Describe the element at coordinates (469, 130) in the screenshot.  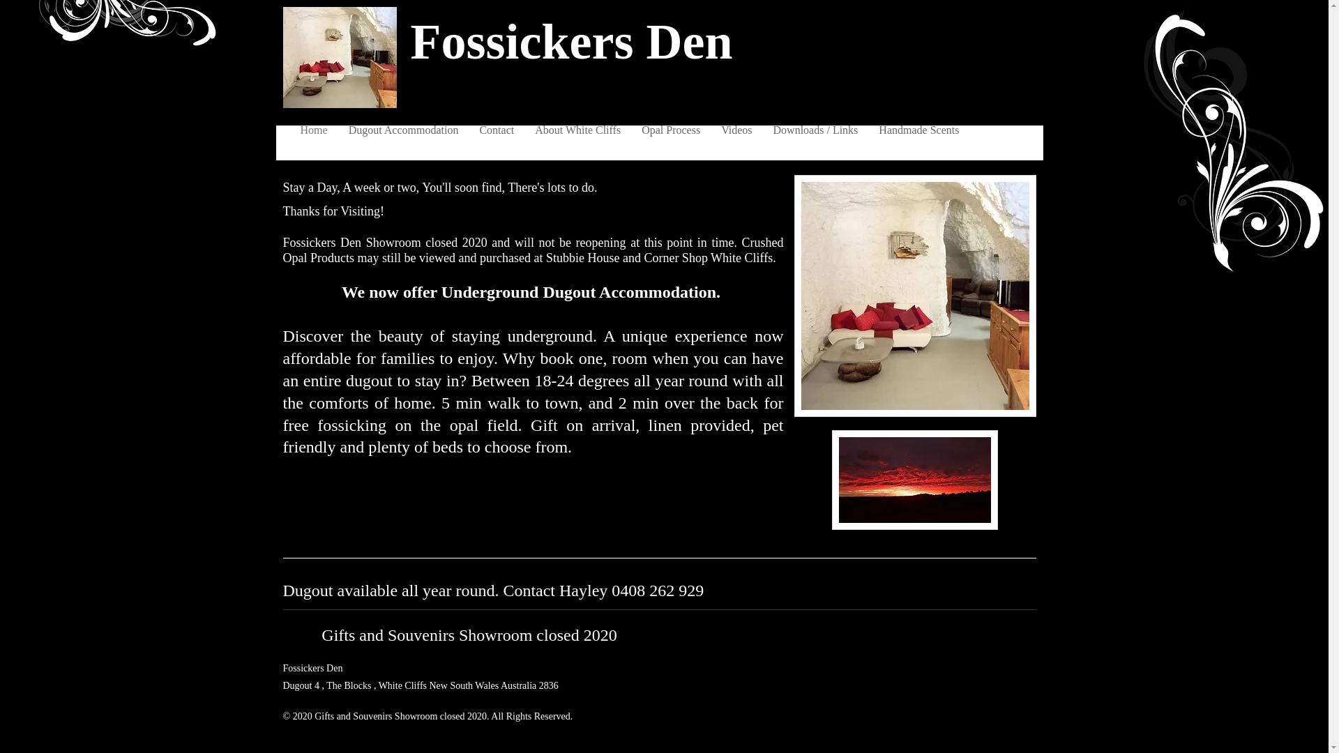
I see `'Contact'` at that location.